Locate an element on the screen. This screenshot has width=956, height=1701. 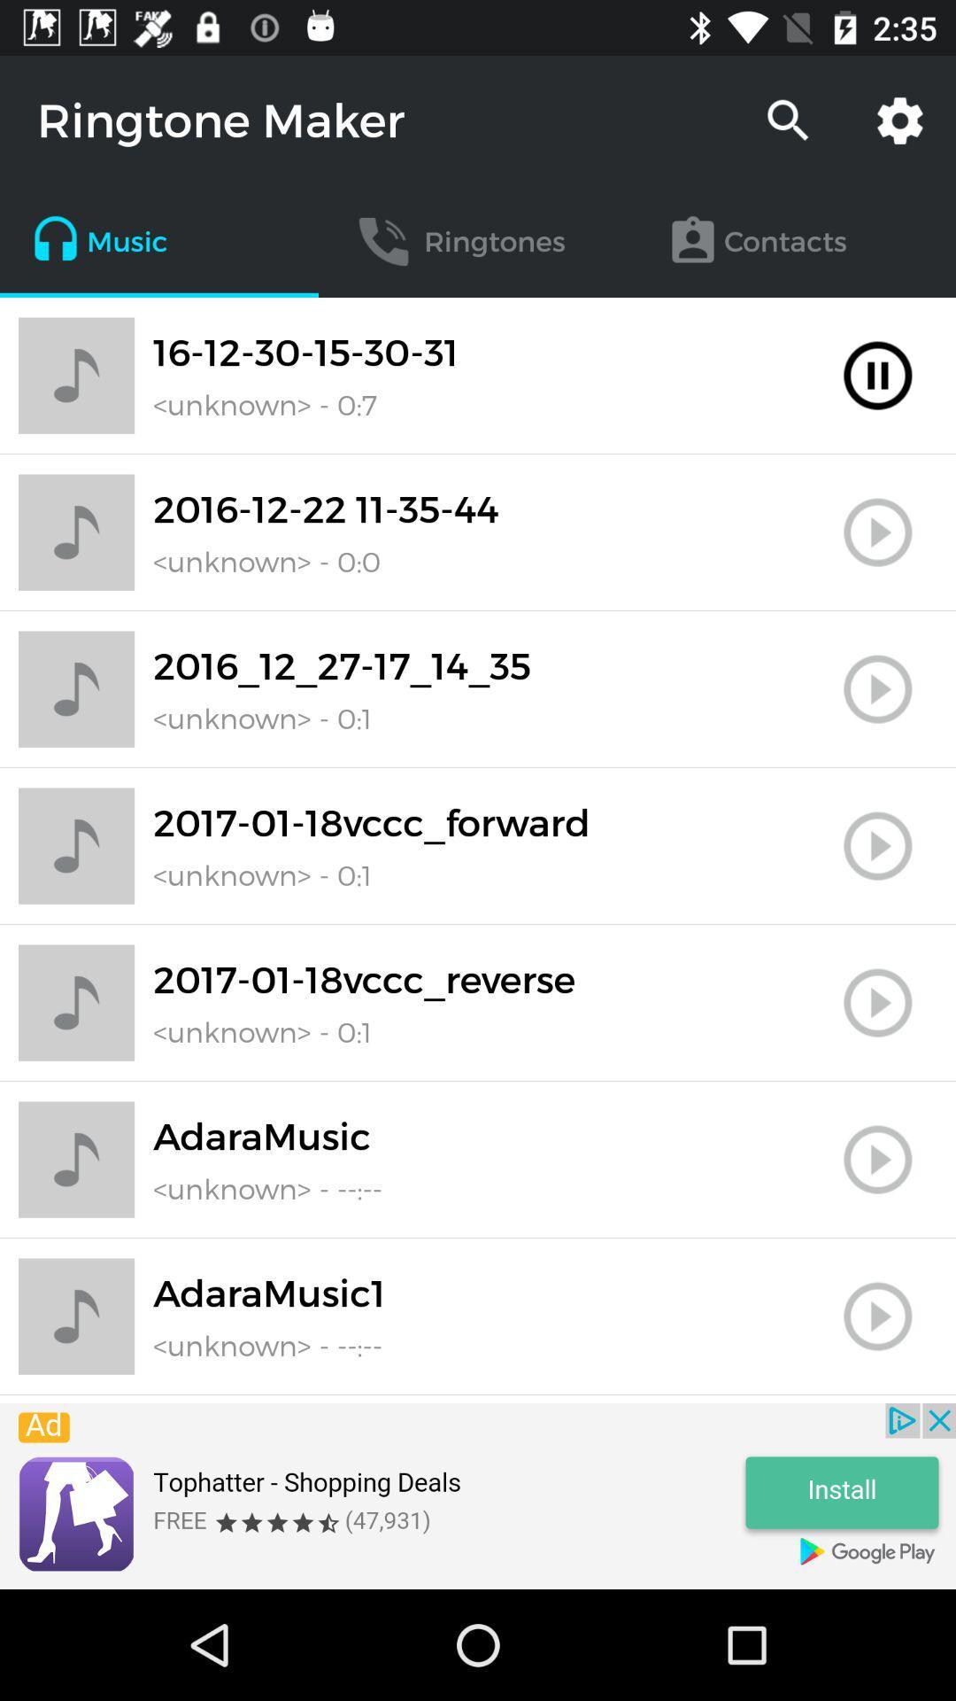
music is located at coordinates (877, 688).